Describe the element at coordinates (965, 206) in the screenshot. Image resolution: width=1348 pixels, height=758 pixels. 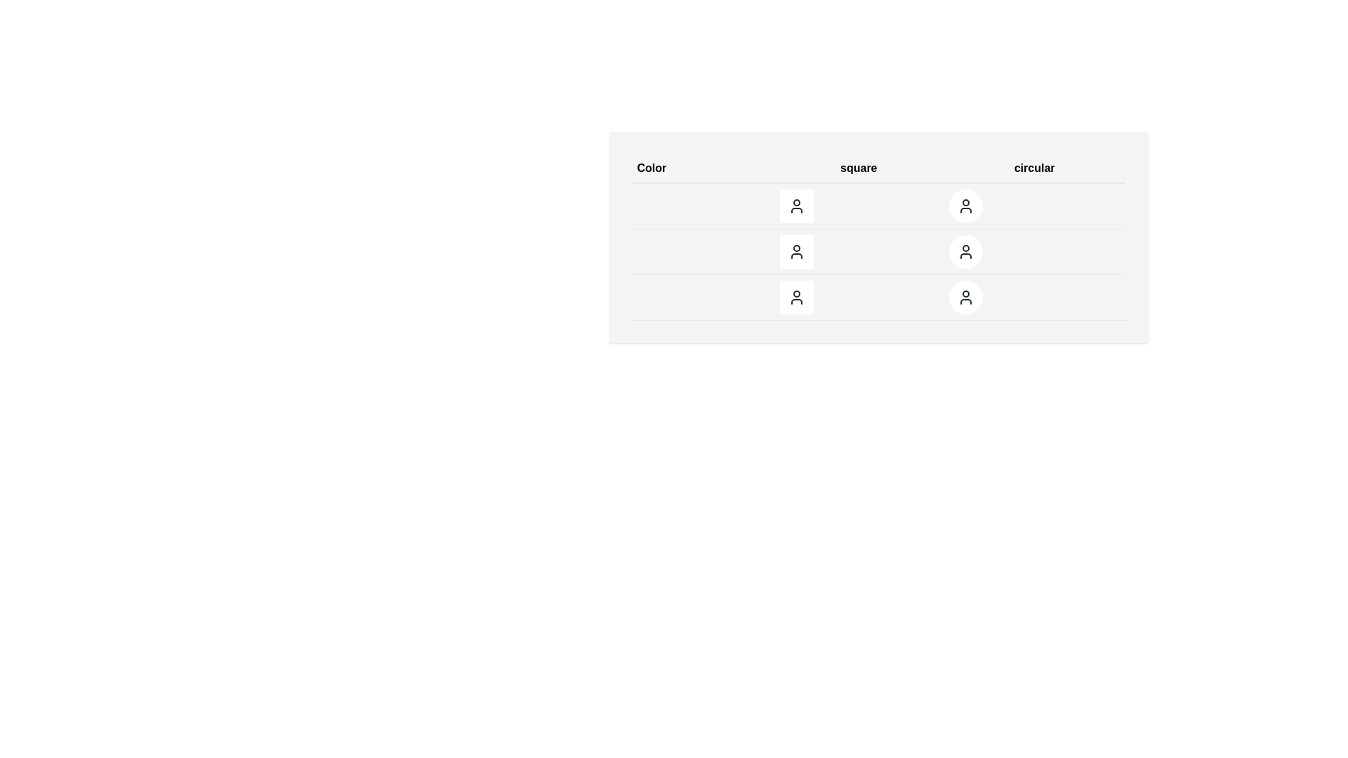
I see `the user silhouette icon, which is a circular icon with dark outlines against a transparent background, located in the second column's first row under the header 'circular'` at that location.